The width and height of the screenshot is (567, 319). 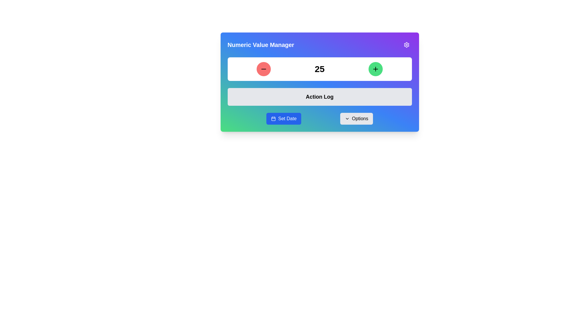 What do you see at coordinates (319, 96) in the screenshot?
I see `the Text heading or title component that serves as a heading for the section tracking actions, located centrally below a value of '25' and between the '-' and '+' buttons` at bounding box center [319, 96].